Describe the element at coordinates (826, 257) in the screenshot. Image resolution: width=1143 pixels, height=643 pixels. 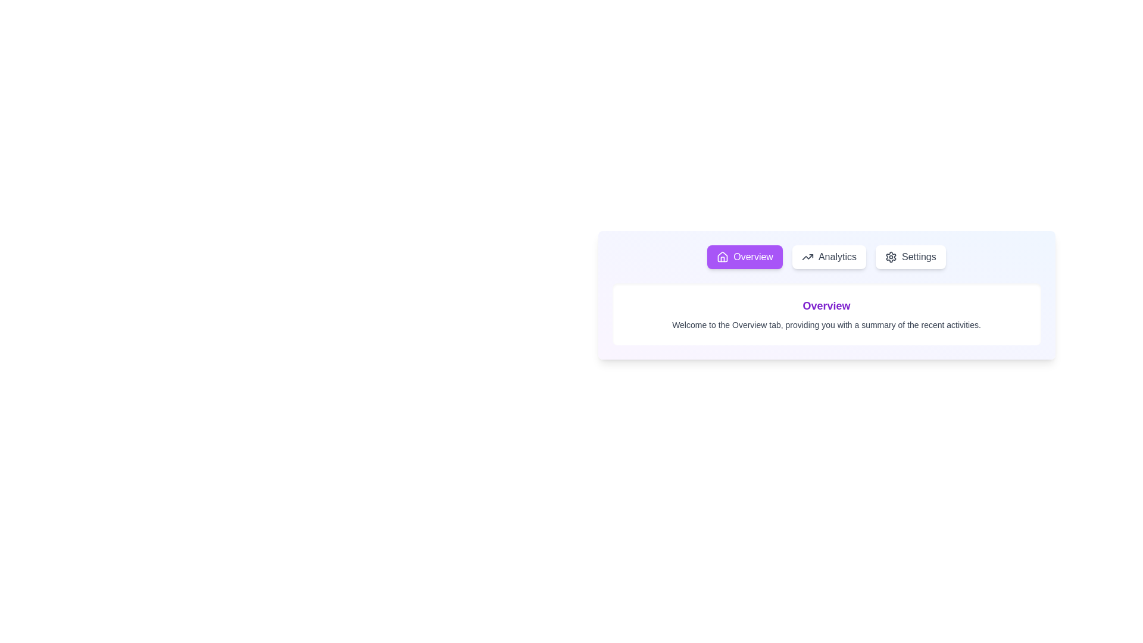
I see `the 'Analytics' navigation button, which features a white background, gray text, and a trend line icon, positioned between the 'Overview' and 'Settings' buttons` at that location.